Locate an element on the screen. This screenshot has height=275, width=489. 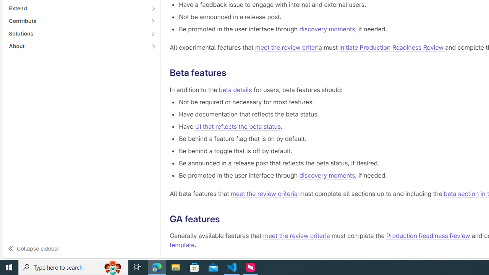
'meet the review criteria' is located at coordinates (296, 236).